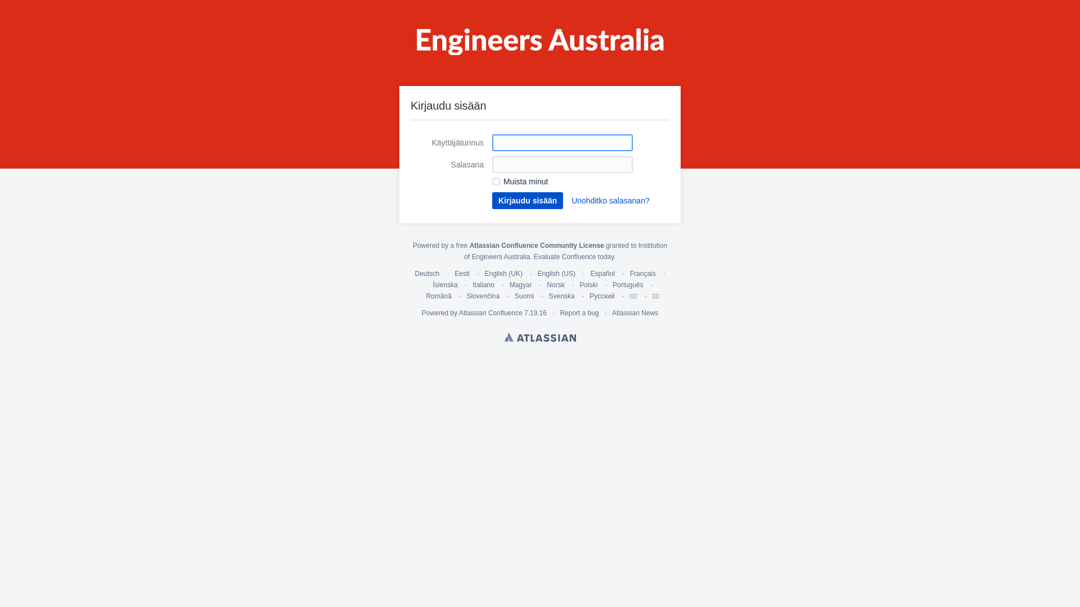 The image size is (1080, 607). What do you see at coordinates (548, 296) in the screenshot?
I see `'Svenska'` at bounding box center [548, 296].